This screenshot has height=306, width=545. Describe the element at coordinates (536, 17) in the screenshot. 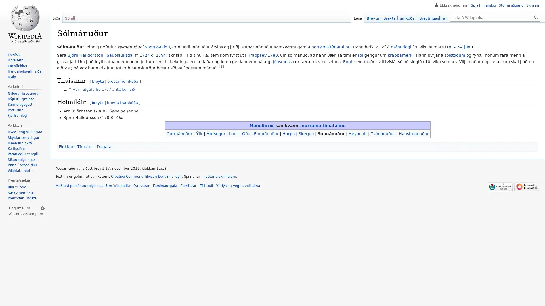

I see `Afram` at that location.